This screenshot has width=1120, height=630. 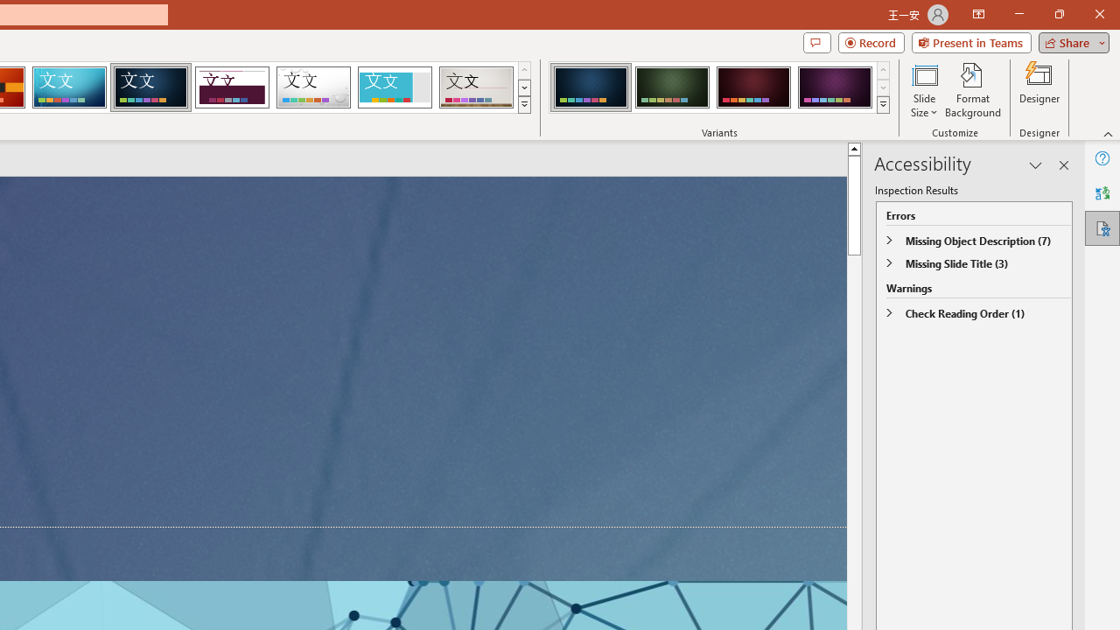 I want to click on 'Damask Variant 1', so click(x=591, y=87).